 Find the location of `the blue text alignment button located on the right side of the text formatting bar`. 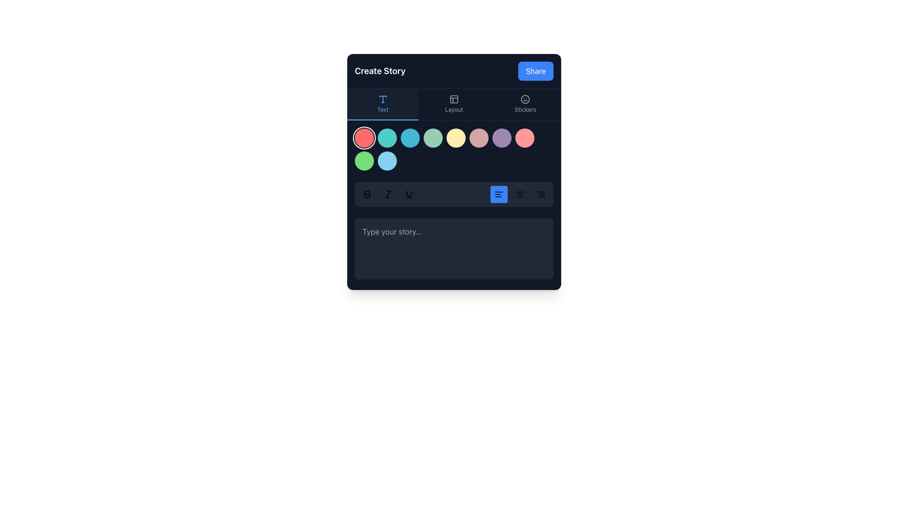

the blue text alignment button located on the right side of the text formatting bar is located at coordinates (499, 194).